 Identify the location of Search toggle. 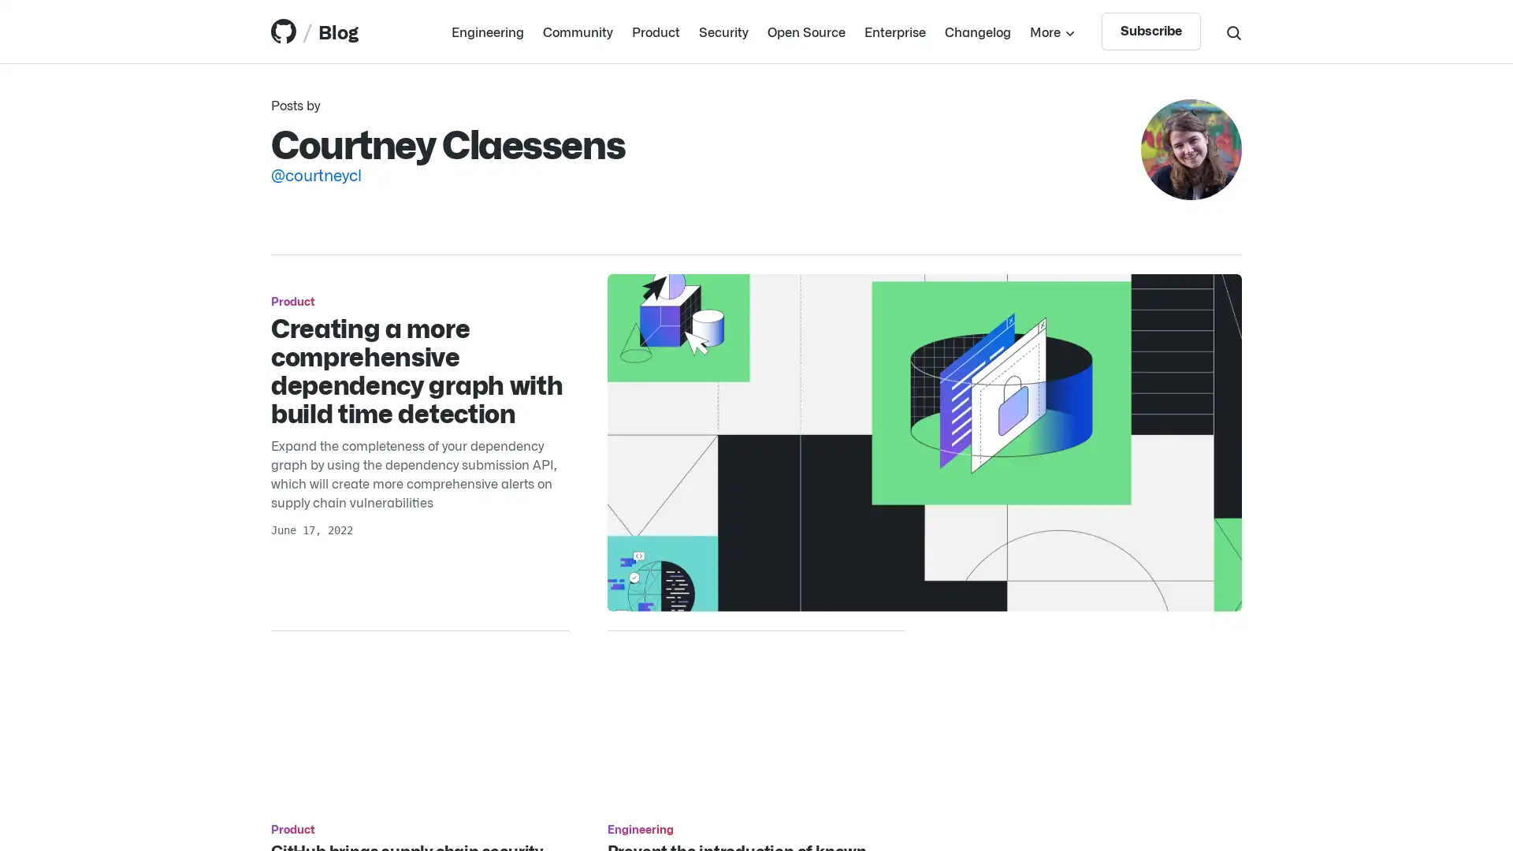
(1232, 30).